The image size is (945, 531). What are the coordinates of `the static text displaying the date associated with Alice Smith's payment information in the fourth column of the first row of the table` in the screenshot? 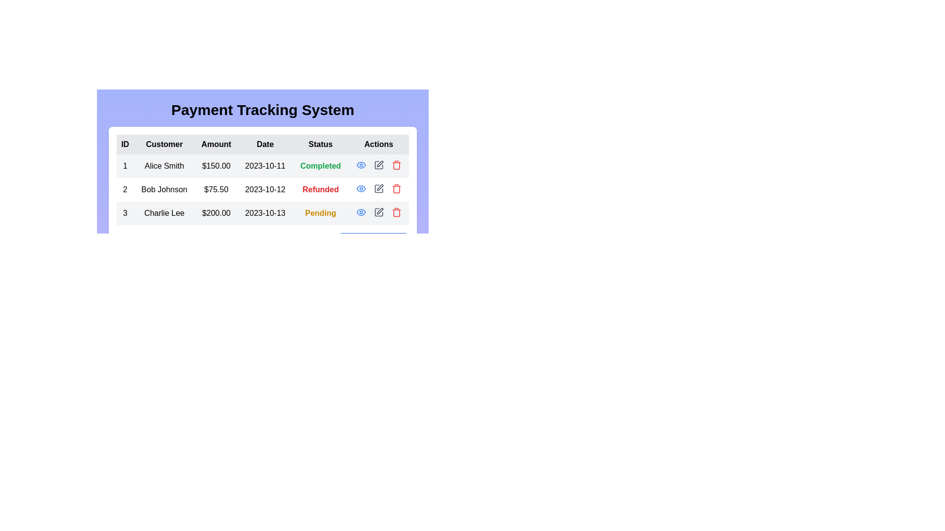 It's located at (265, 166).